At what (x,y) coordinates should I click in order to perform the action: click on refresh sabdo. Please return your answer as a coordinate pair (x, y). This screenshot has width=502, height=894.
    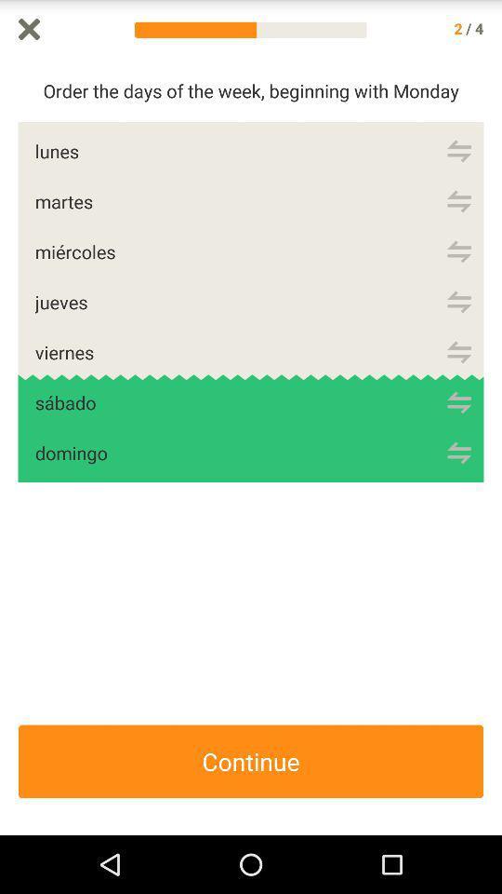
    Looking at the image, I should click on (458, 402).